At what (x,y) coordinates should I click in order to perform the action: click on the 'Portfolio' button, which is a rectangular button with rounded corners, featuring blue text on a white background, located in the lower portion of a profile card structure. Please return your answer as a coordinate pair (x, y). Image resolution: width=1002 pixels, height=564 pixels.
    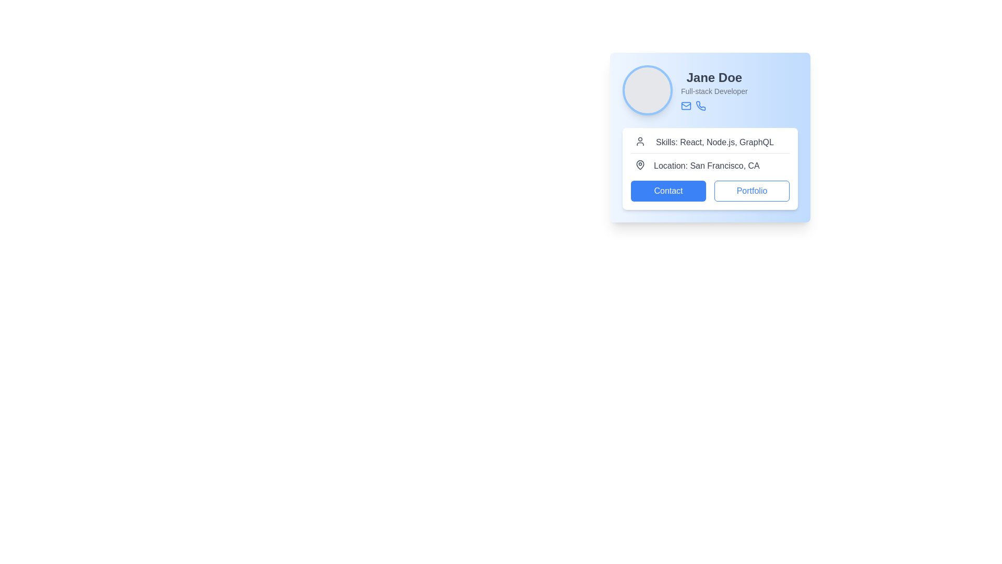
    Looking at the image, I should click on (751, 191).